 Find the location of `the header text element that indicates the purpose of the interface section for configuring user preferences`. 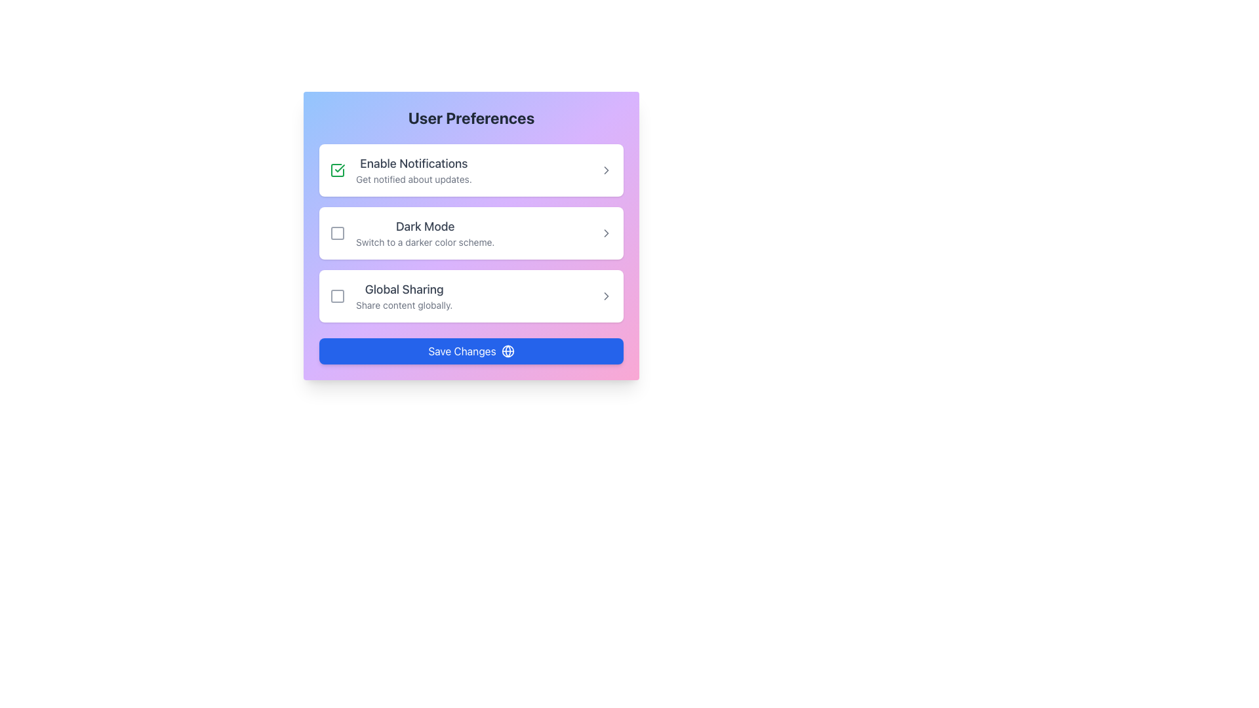

the header text element that indicates the purpose of the interface section for configuring user preferences is located at coordinates (471, 118).